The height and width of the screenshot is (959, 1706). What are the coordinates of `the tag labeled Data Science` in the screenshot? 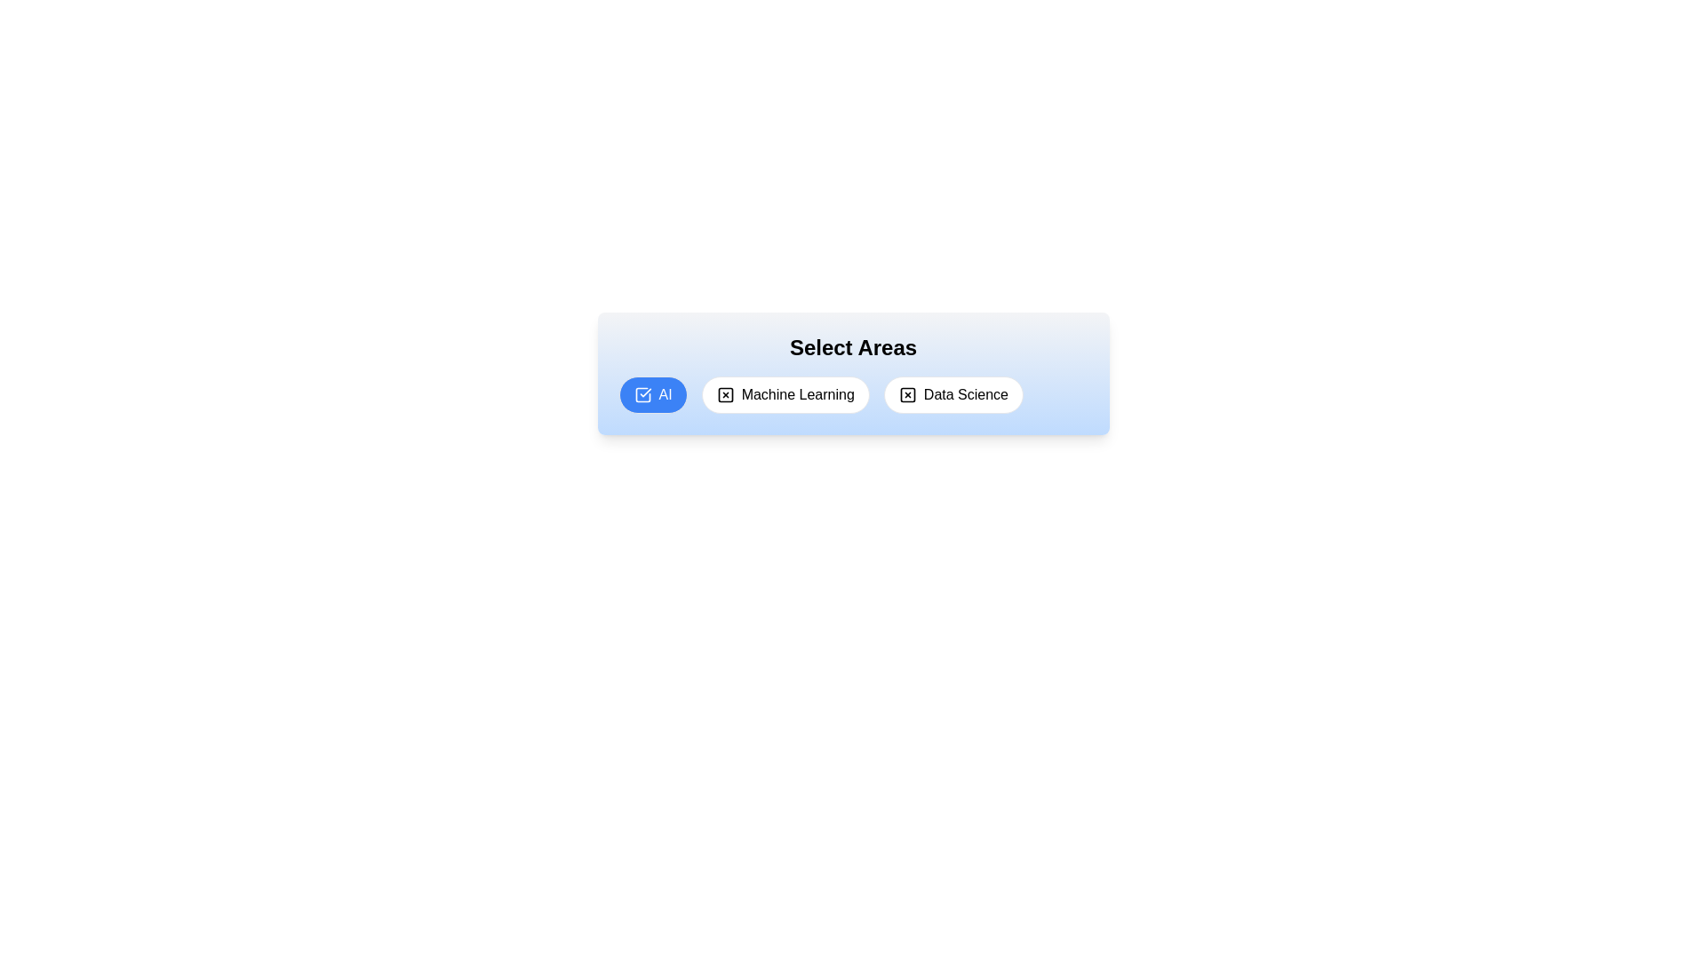 It's located at (953, 393).